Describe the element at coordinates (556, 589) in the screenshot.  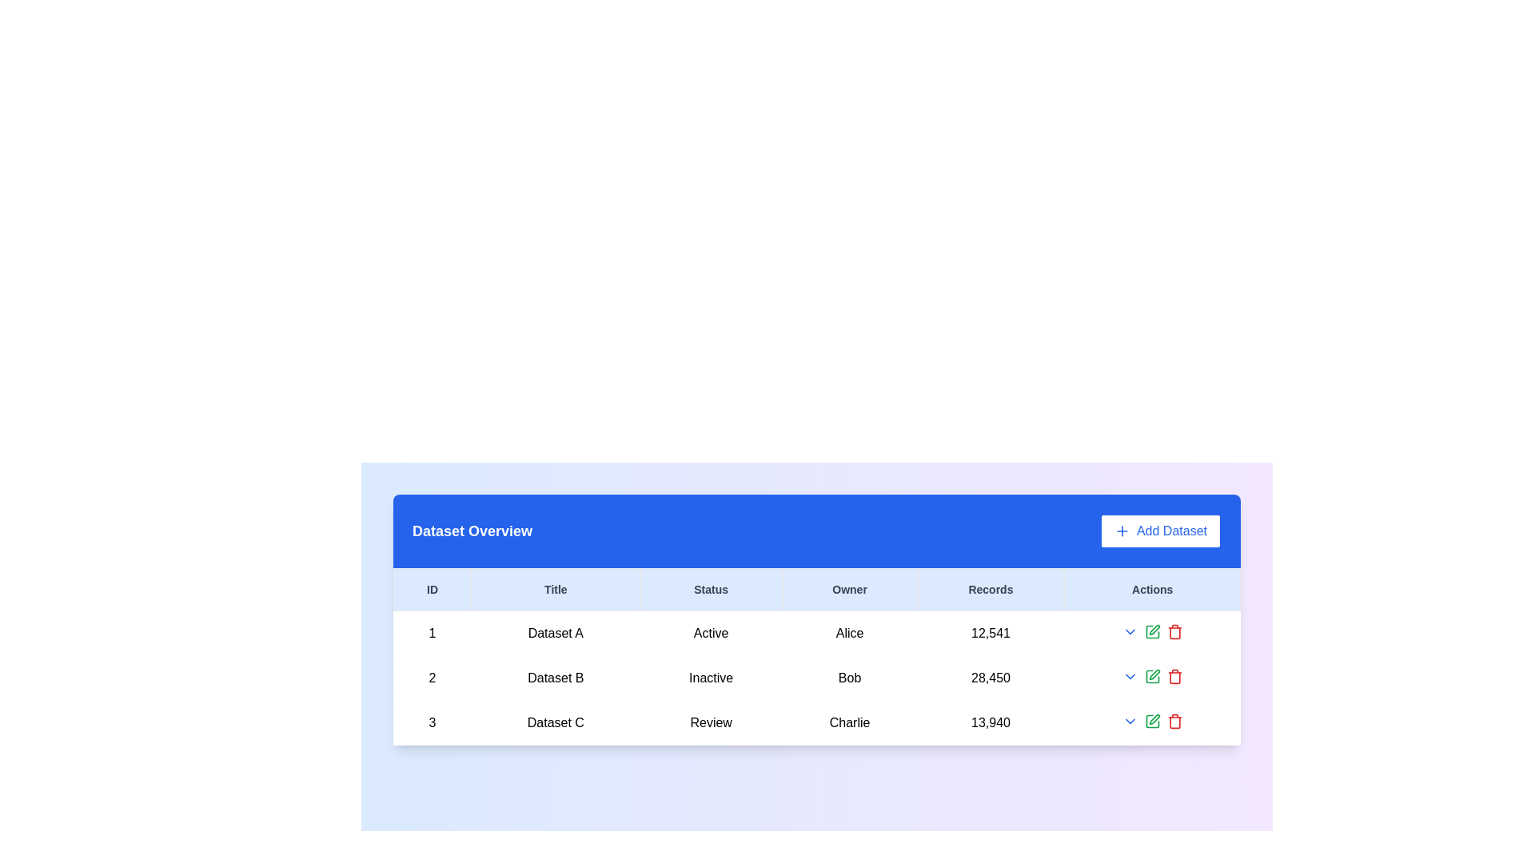
I see `the Table Header Cell labeled 'Title' which is styled with a light blue background and is part of the header row in the Dataset Overview table` at that location.